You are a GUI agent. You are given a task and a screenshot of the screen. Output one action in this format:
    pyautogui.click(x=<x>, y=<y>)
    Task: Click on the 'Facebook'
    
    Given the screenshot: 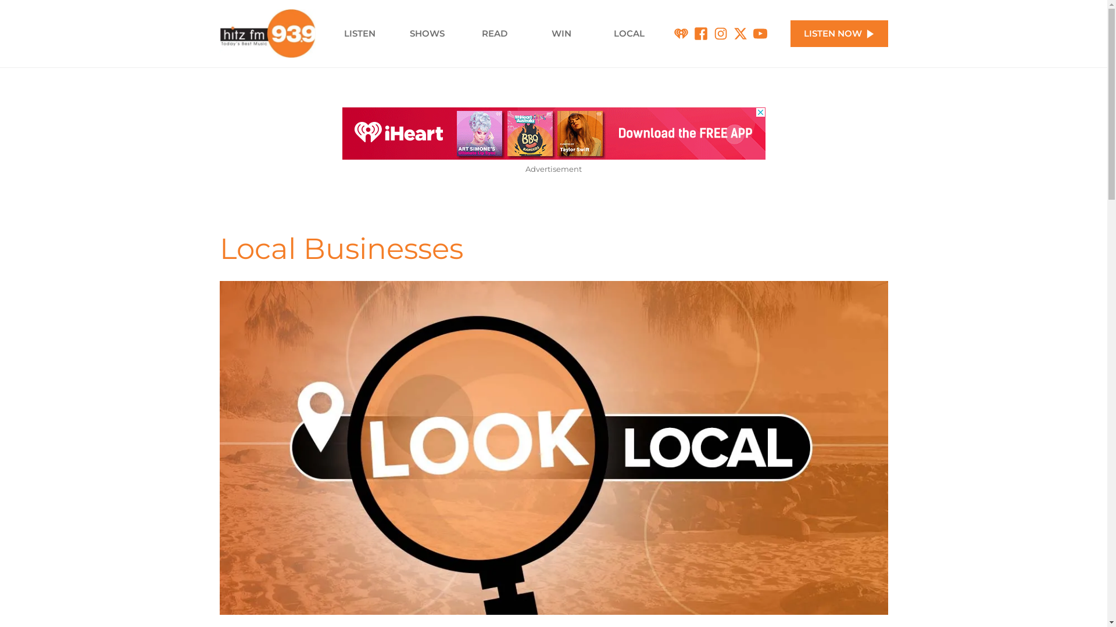 What is the action you would take?
    pyautogui.click(x=700, y=33)
    